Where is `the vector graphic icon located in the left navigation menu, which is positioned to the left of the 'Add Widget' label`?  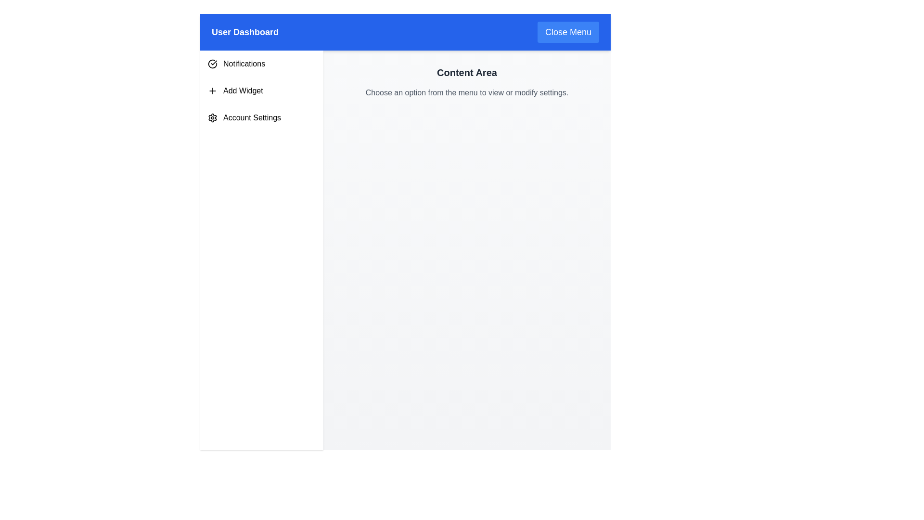
the vector graphic icon located in the left navigation menu, which is positioned to the left of the 'Add Widget' label is located at coordinates (212, 91).